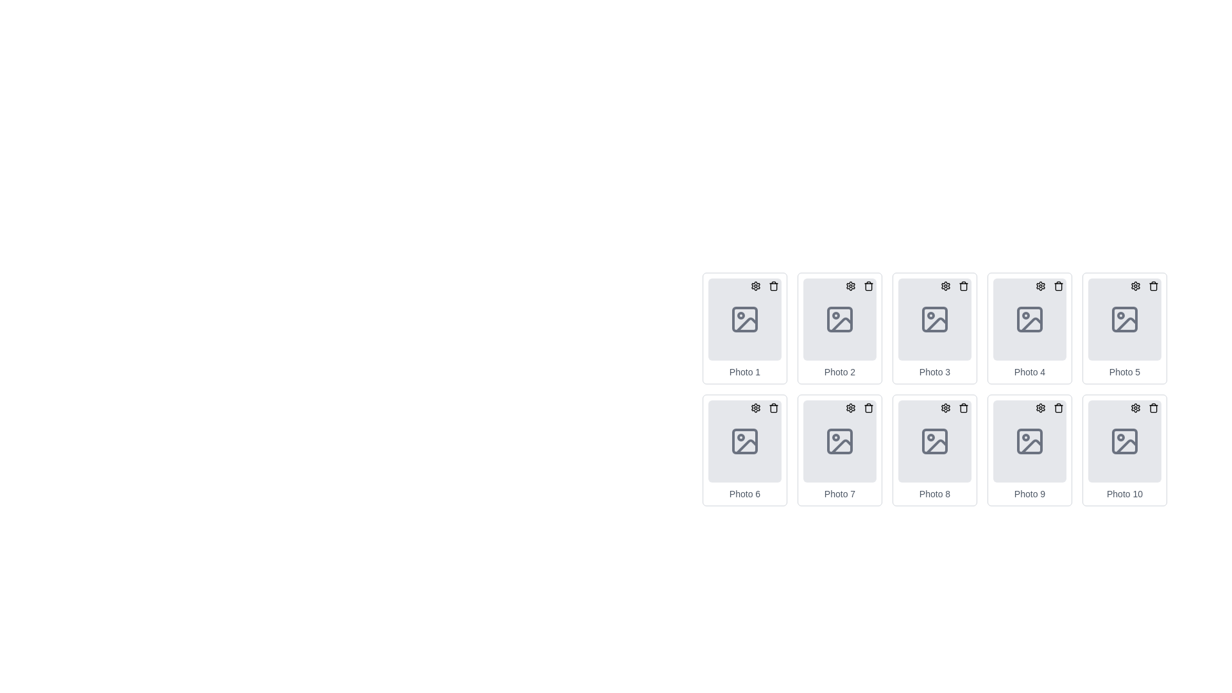 The width and height of the screenshot is (1232, 693). I want to click on the delete icon located at the top-right corner of the second photo item in the grid layout to observe any hover state changes, so click(868, 286).